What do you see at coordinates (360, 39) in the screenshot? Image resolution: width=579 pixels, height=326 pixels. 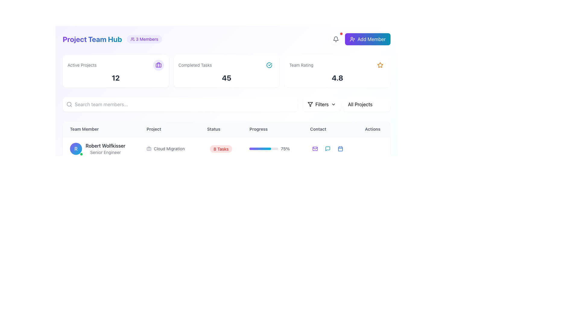 I see `the 'Add Member' button with a gradient background and white text` at bounding box center [360, 39].